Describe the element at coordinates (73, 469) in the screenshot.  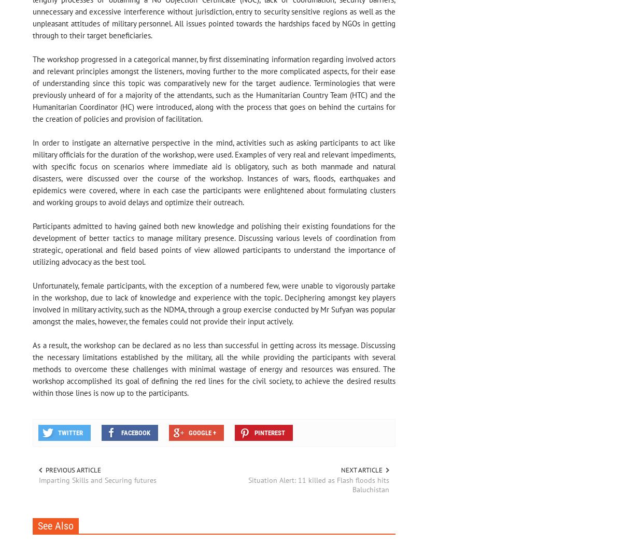
I see `'Previous article'` at that location.